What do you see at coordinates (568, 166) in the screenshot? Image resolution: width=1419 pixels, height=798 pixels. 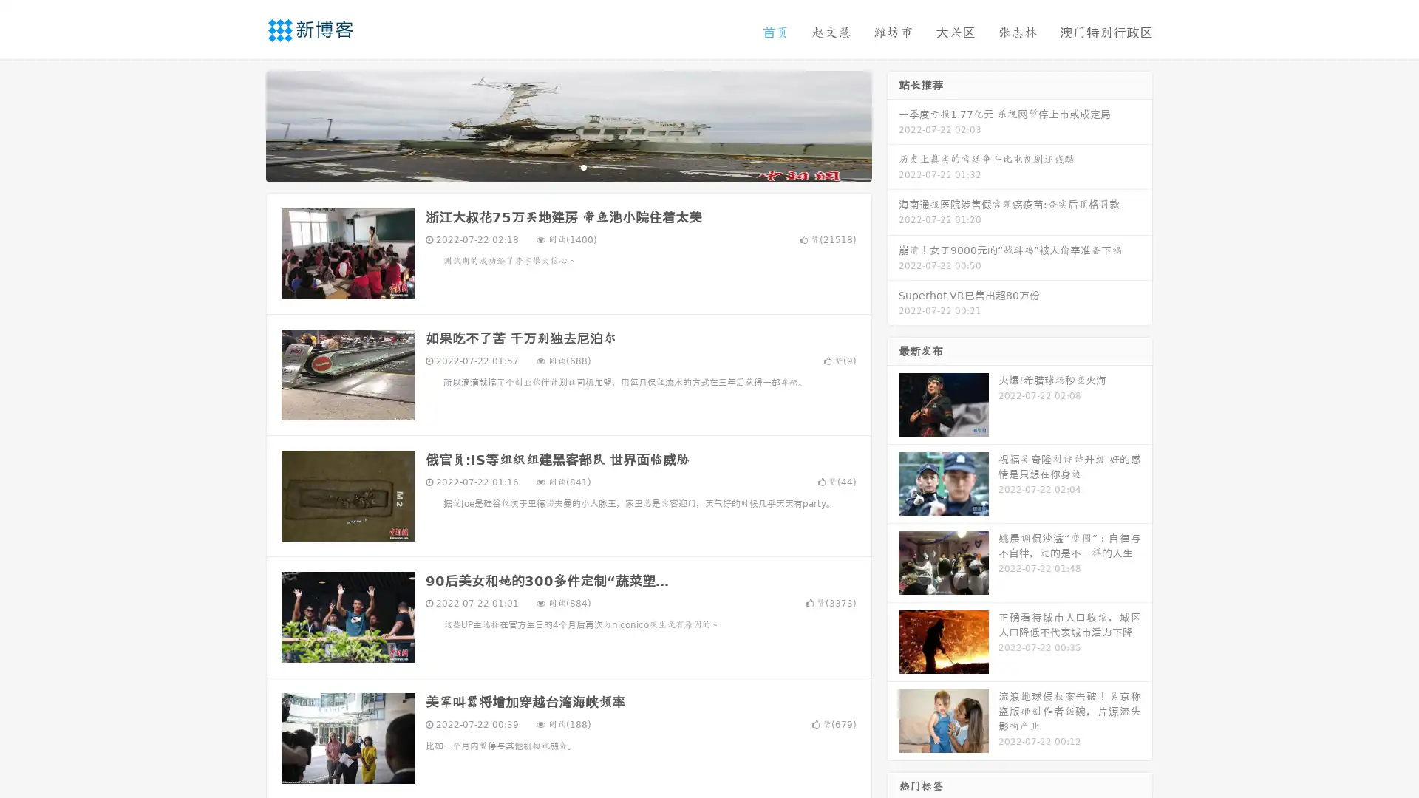 I see `Go to slide 2` at bounding box center [568, 166].